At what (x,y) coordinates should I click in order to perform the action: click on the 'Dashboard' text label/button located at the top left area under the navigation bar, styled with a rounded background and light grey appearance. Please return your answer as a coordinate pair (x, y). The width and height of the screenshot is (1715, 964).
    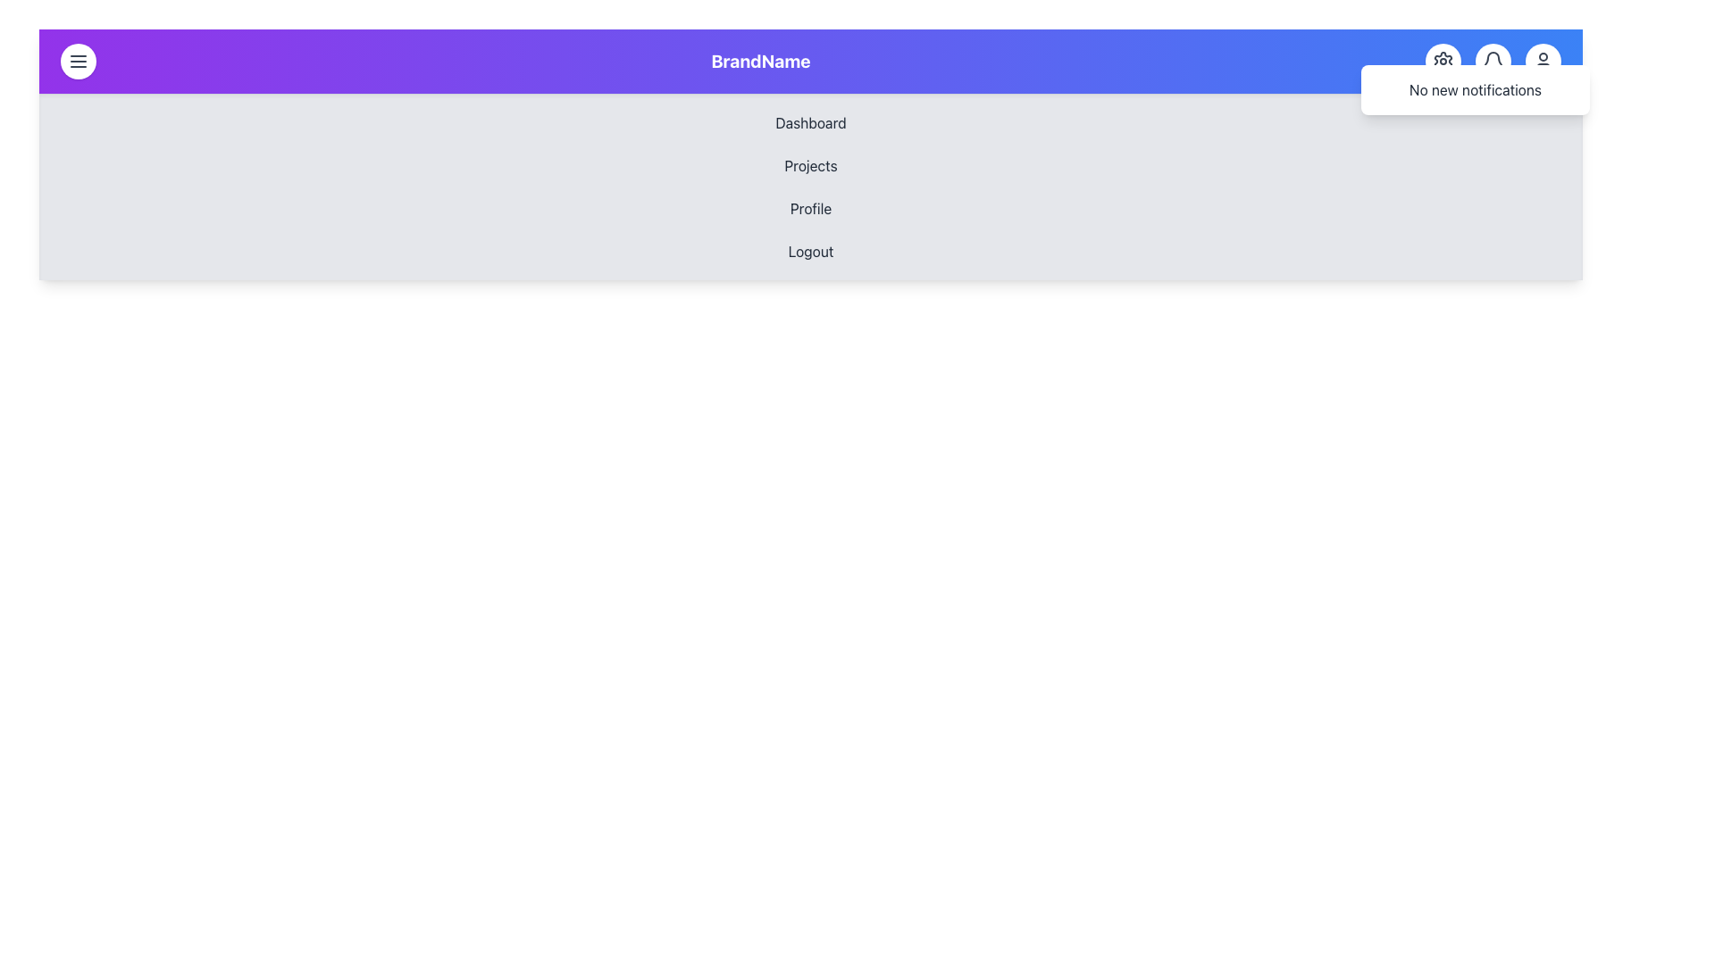
    Looking at the image, I should click on (809, 122).